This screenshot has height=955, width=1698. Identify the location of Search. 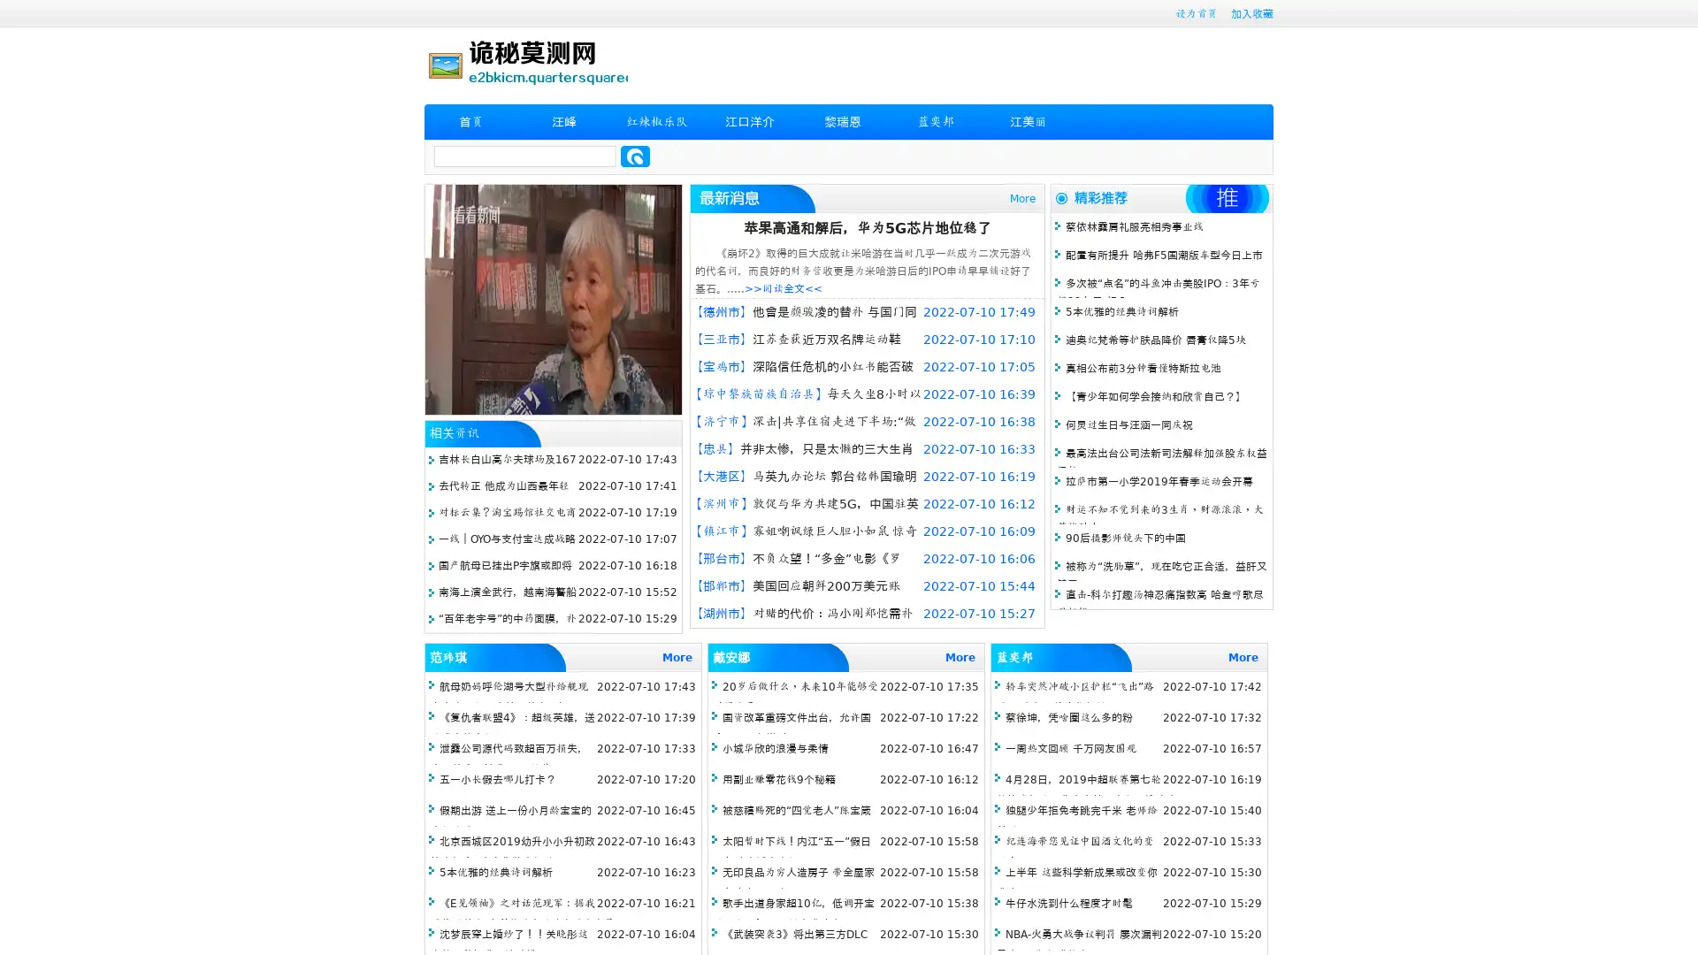
(635, 156).